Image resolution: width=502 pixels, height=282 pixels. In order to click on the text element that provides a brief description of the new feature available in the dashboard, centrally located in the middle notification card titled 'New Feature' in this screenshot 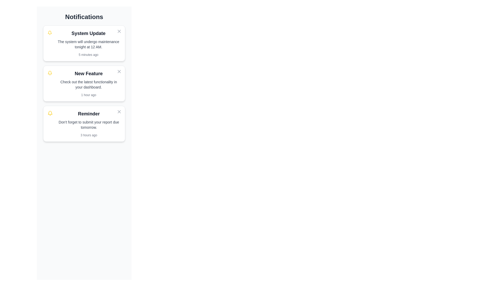, I will do `click(89, 84)`.